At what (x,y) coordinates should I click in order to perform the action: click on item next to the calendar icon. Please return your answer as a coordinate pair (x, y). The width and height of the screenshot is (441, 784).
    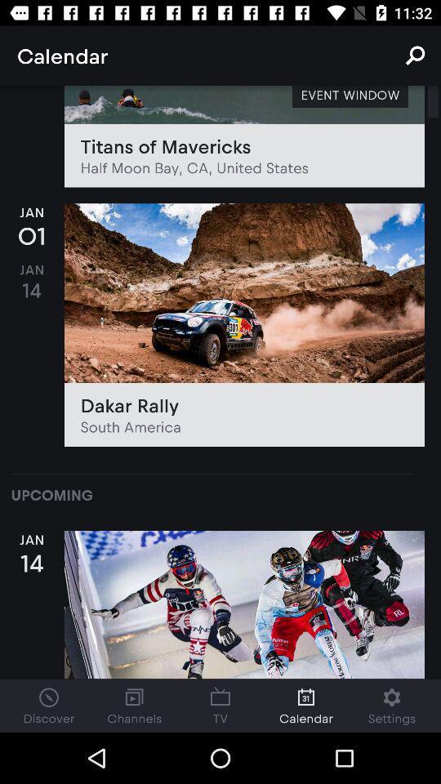
    Looking at the image, I should click on (415, 56).